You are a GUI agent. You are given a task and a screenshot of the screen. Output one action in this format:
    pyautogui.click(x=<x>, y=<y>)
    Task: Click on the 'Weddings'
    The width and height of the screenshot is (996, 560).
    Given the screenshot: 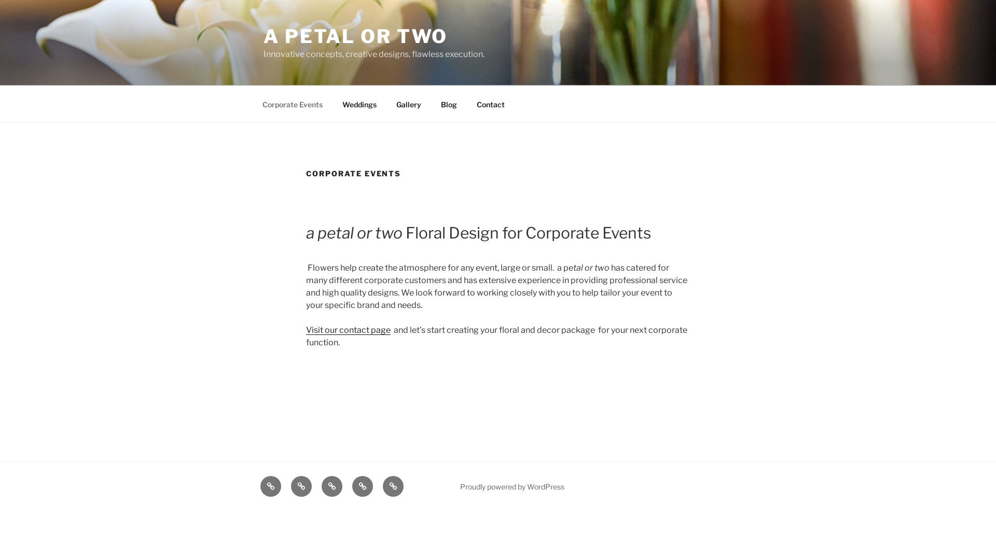 What is the action you would take?
    pyautogui.click(x=300, y=486)
    